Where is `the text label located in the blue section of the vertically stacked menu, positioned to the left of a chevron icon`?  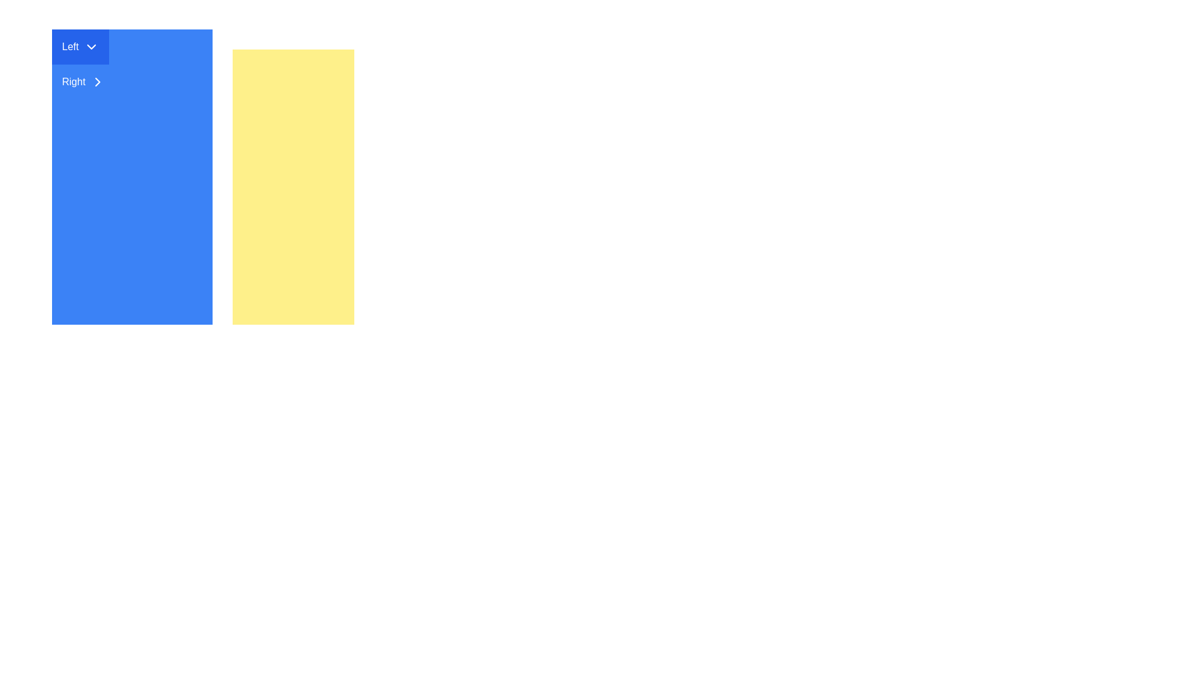 the text label located in the blue section of the vertically stacked menu, positioned to the left of a chevron icon is located at coordinates (73, 82).